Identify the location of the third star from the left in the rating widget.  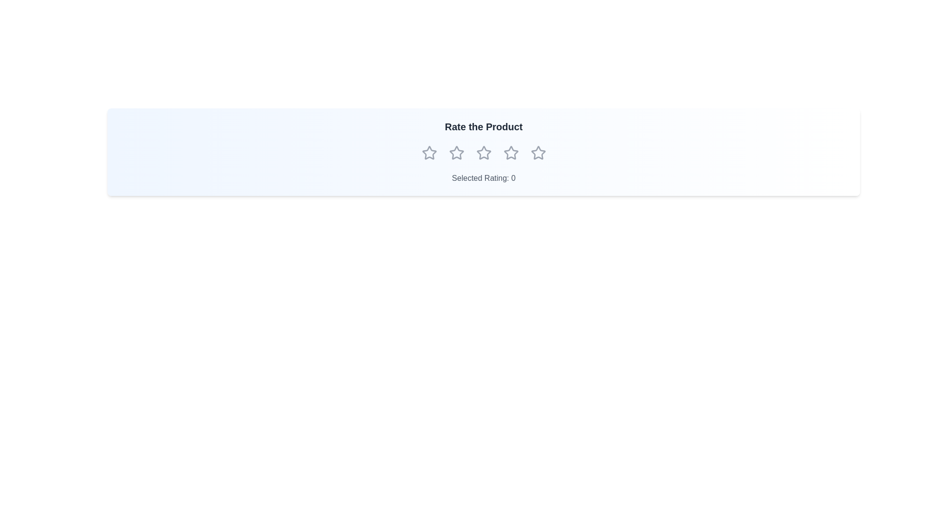
(484, 153).